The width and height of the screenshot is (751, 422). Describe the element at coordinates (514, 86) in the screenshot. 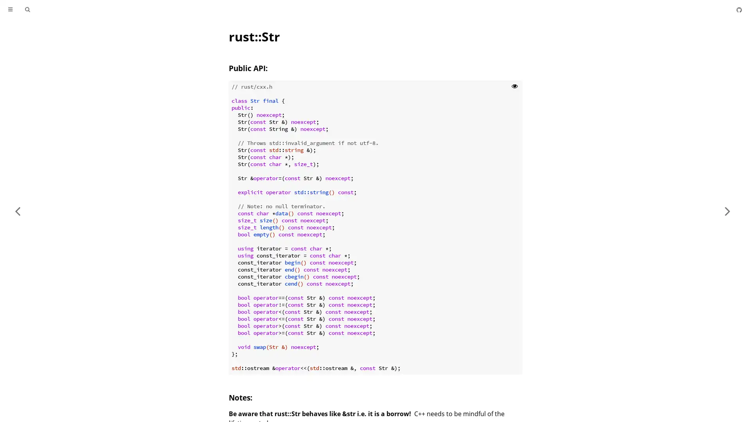

I see `Show hidden lines` at that location.